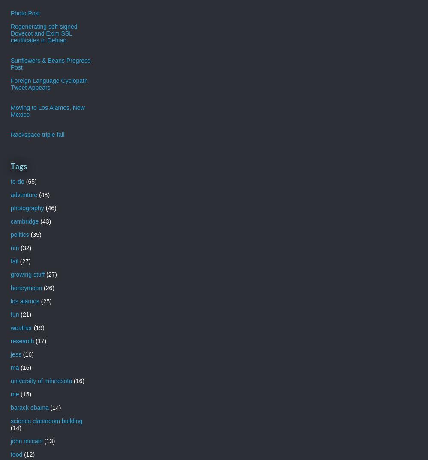 The height and width of the screenshot is (460, 428). Describe the element at coordinates (16, 454) in the screenshot. I see `'food'` at that location.